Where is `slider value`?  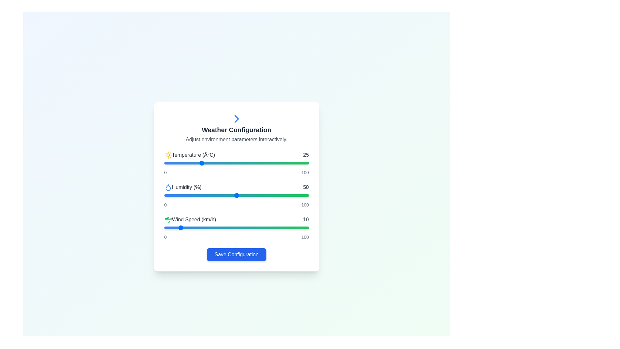
slider value is located at coordinates (270, 163).